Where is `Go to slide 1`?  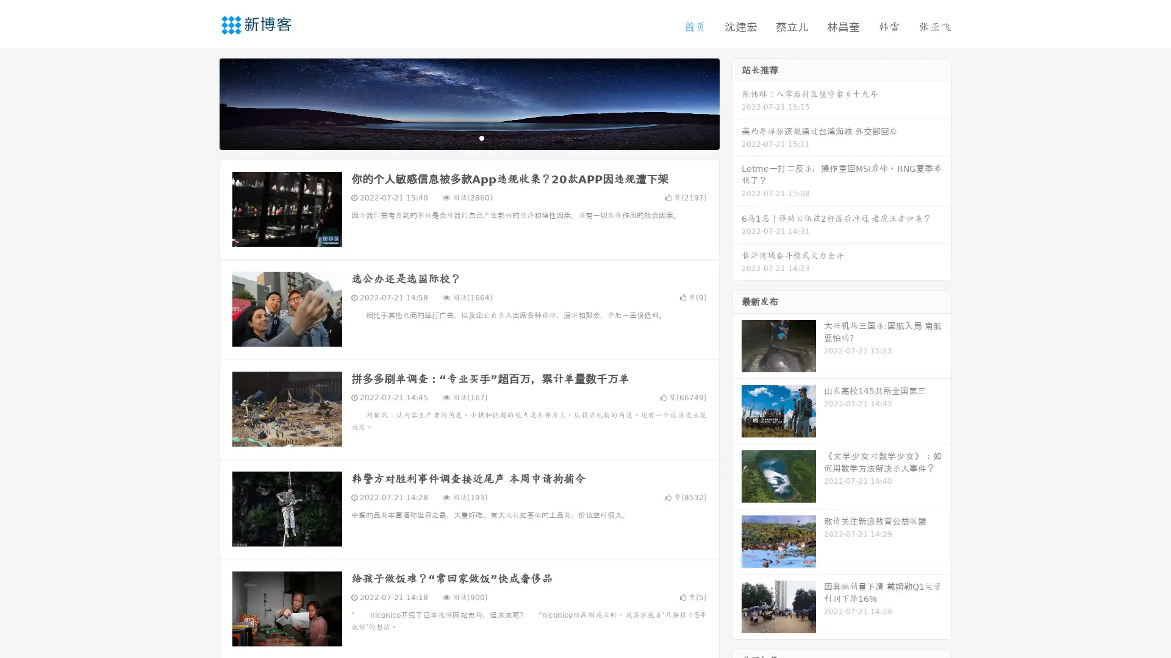
Go to slide 1 is located at coordinates (456, 137).